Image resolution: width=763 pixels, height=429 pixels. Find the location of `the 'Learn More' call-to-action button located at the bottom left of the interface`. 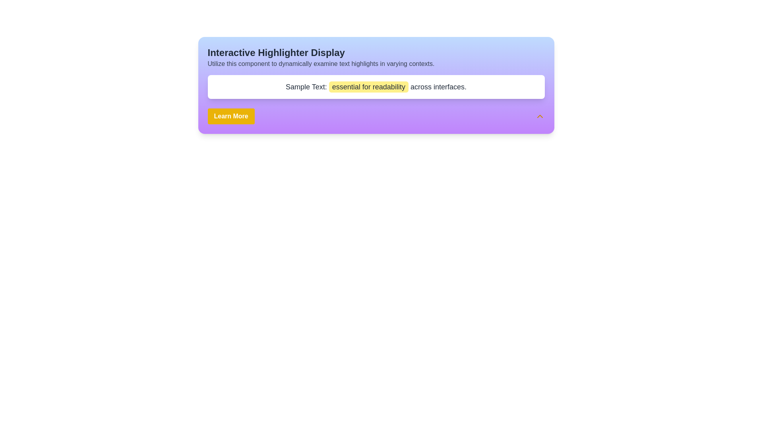

the 'Learn More' call-to-action button located at the bottom left of the interface is located at coordinates (230, 116).